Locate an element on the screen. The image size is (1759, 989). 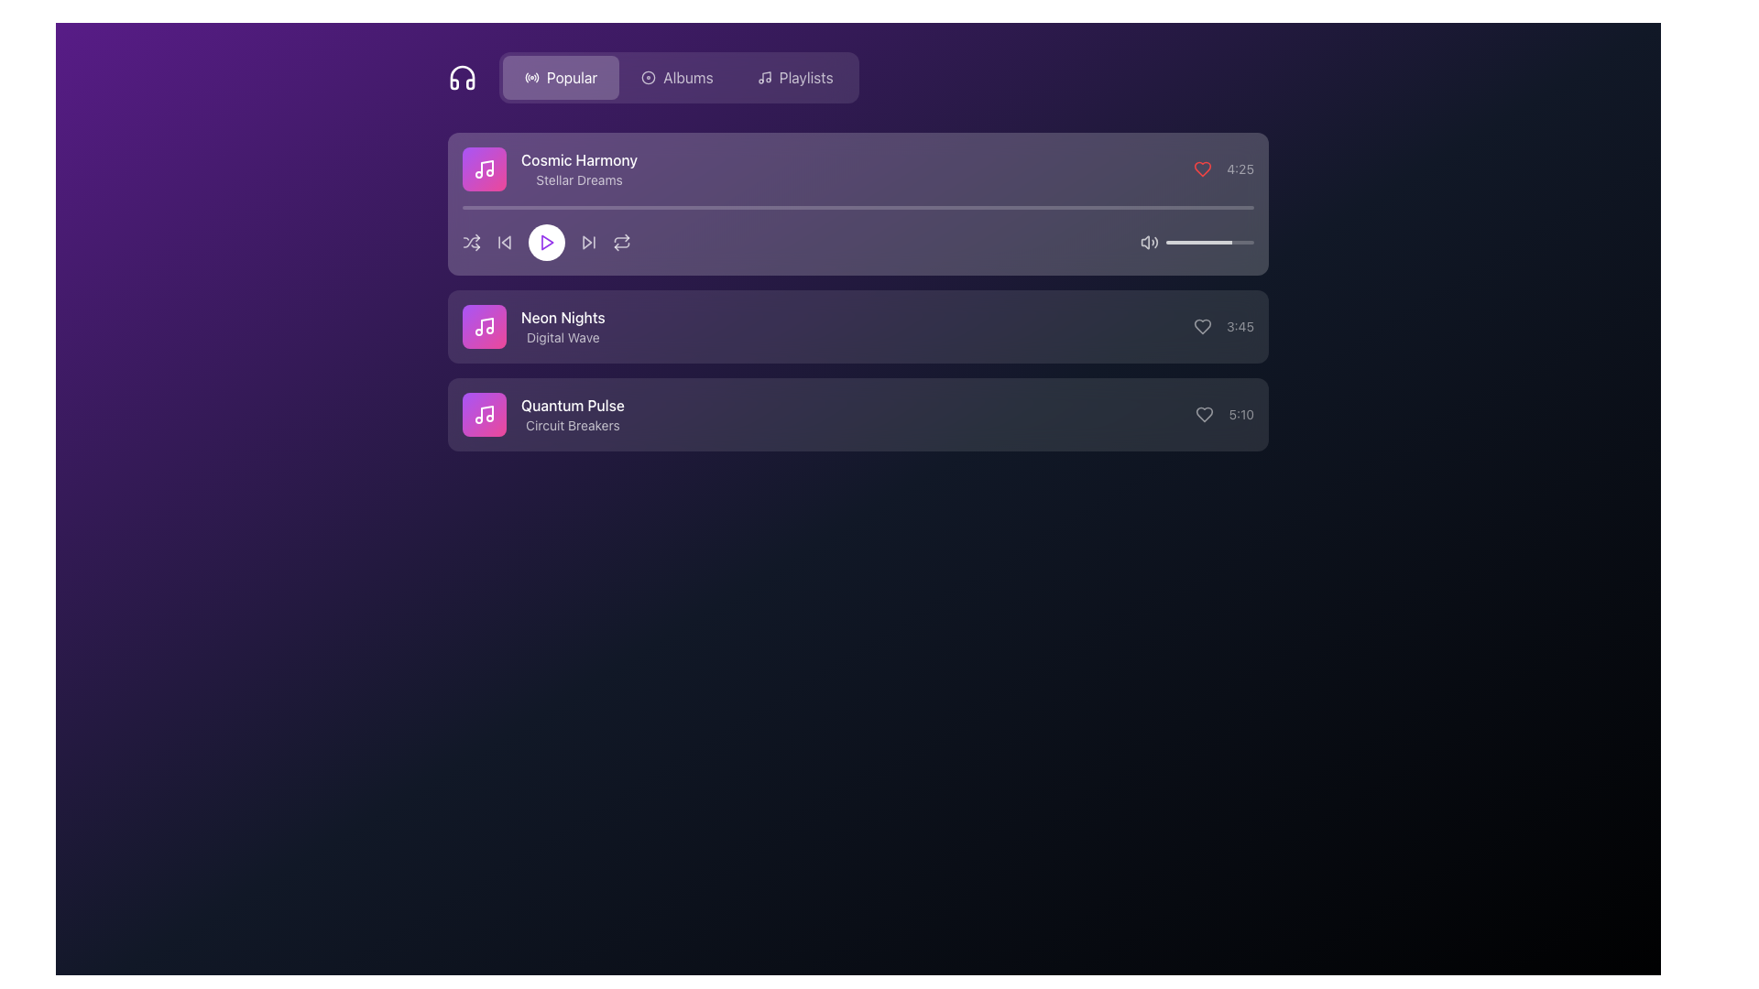
the Decorative SVG Circle, which is the outer ring of a dual-circle structure in the top-left corner of the interface, adjacent to the 'Popular' button is located at coordinates (649, 76).